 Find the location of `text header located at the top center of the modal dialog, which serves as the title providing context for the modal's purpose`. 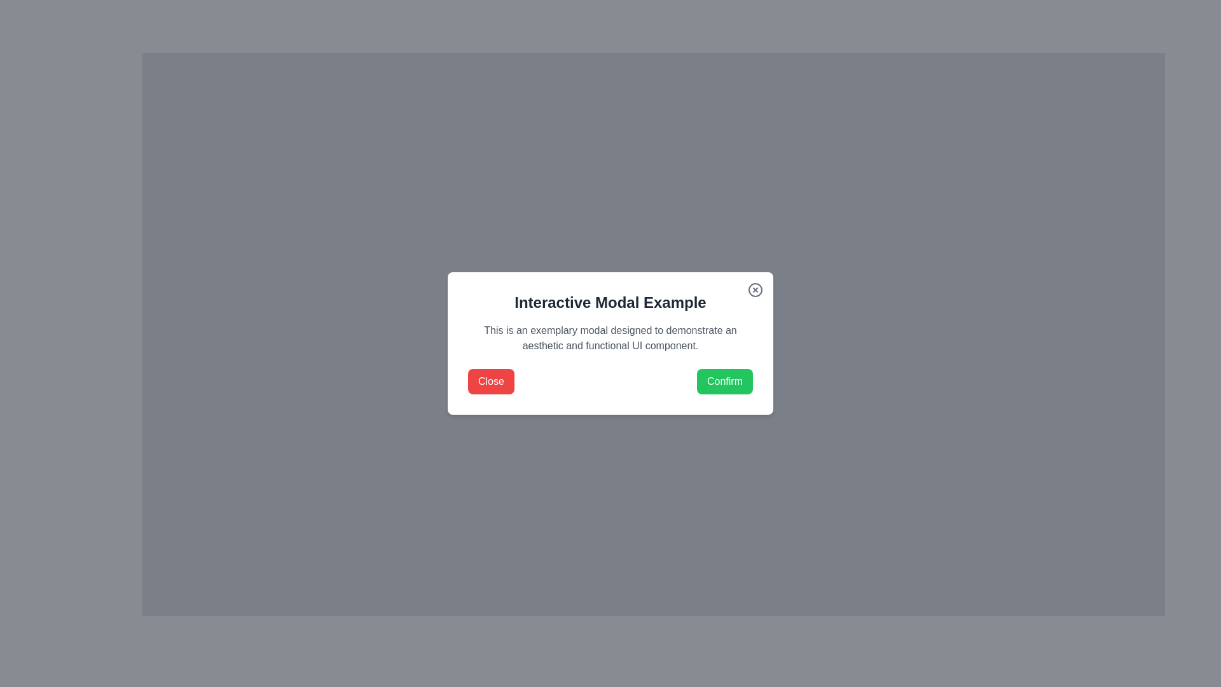

text header located at the top center of the modal dialog, which serves as the title providing context for the modal's purpose is located at coordinates (610, 302).